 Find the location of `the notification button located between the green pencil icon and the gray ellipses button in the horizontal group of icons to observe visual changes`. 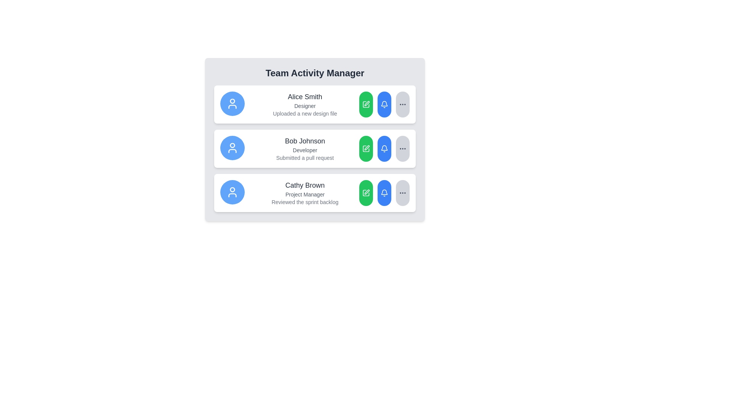

the notification button located between the green pencil icon and the gray ellipses button in the horizontal group of icons to observe visual changes is located at coordinates (384, 104).